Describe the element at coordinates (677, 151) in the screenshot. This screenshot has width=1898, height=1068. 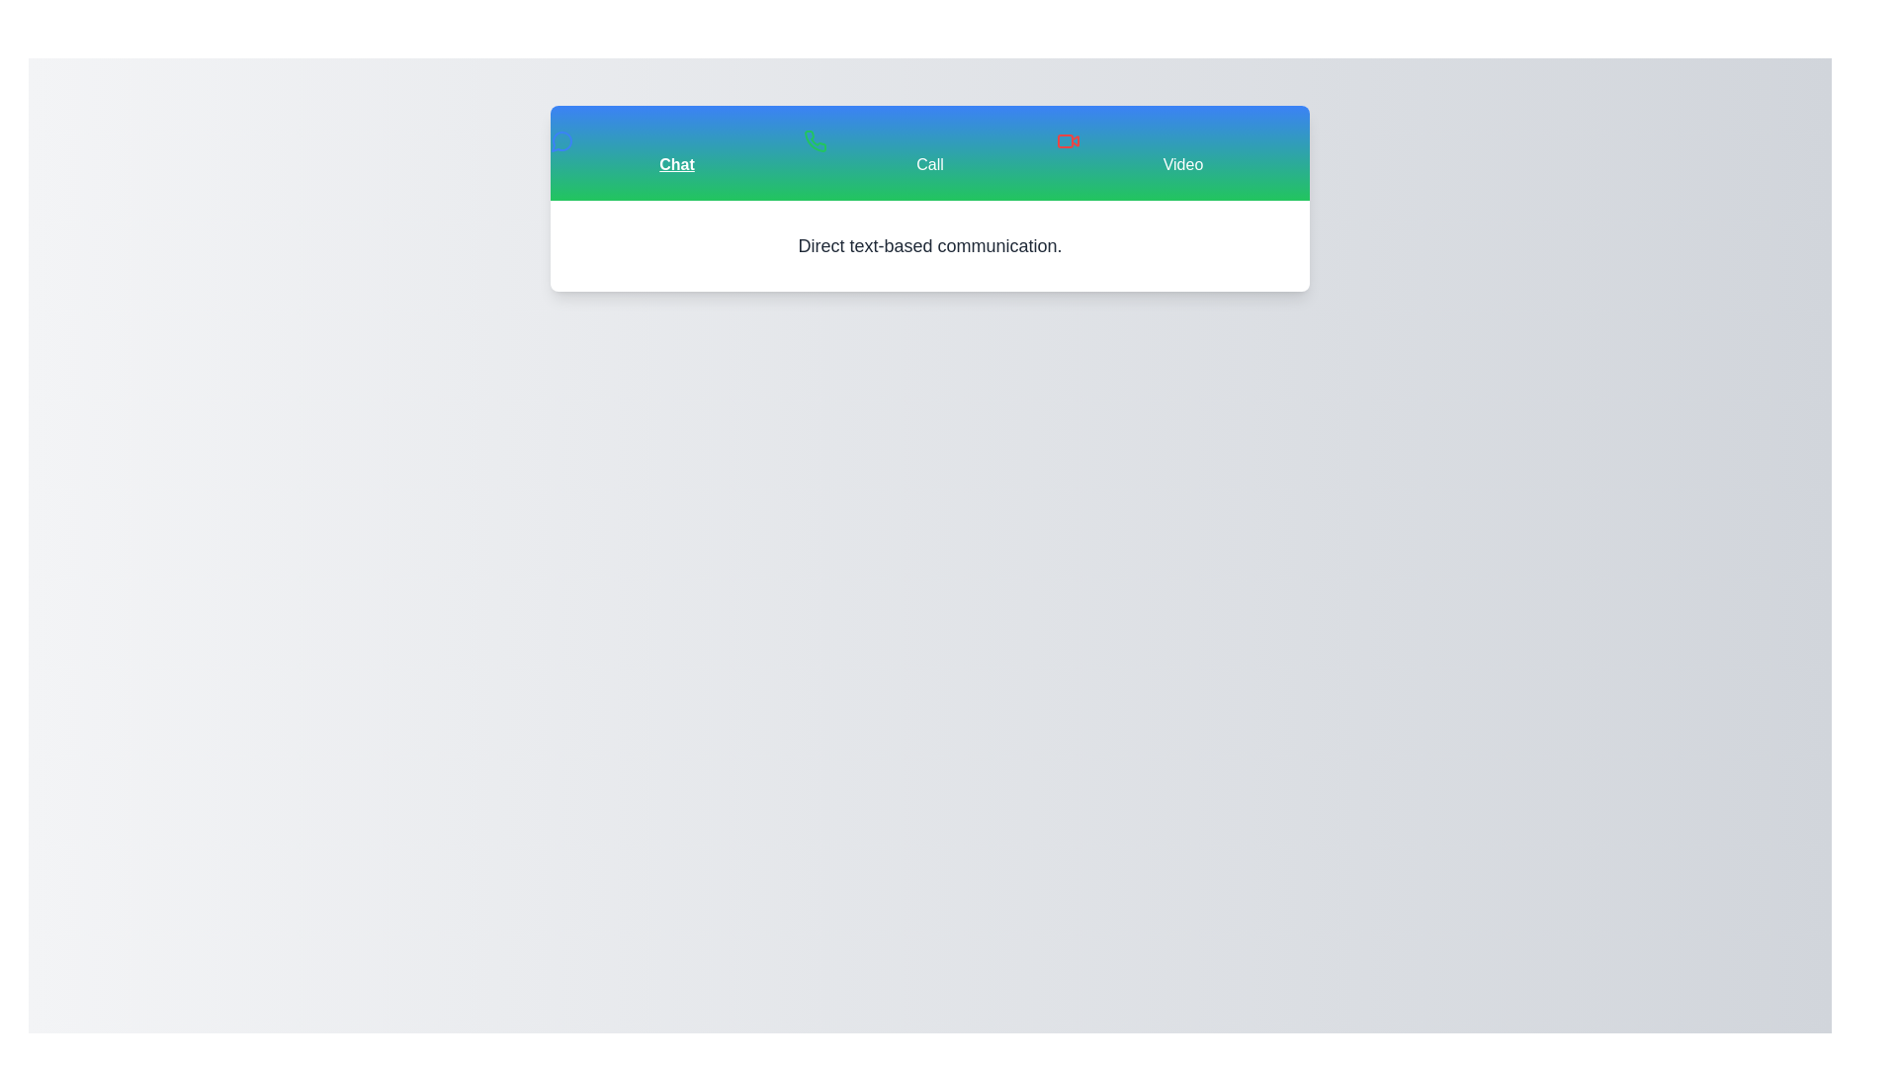
I see `the Chat tab by clicking on it` at that location.